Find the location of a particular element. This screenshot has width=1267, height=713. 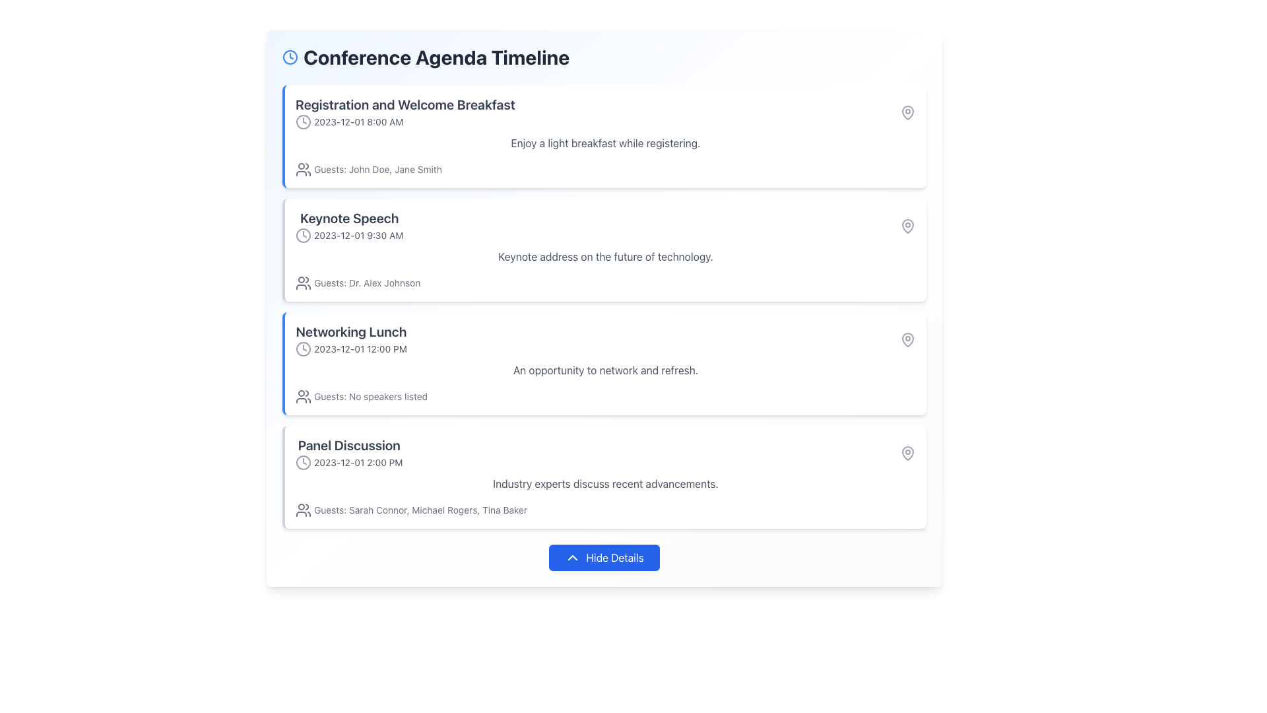

information from the Text Block with Icon that displays 'Panel Discussion' and the date and time '2023-12-01 2:00 PM' is located at coordinates (349, 452).